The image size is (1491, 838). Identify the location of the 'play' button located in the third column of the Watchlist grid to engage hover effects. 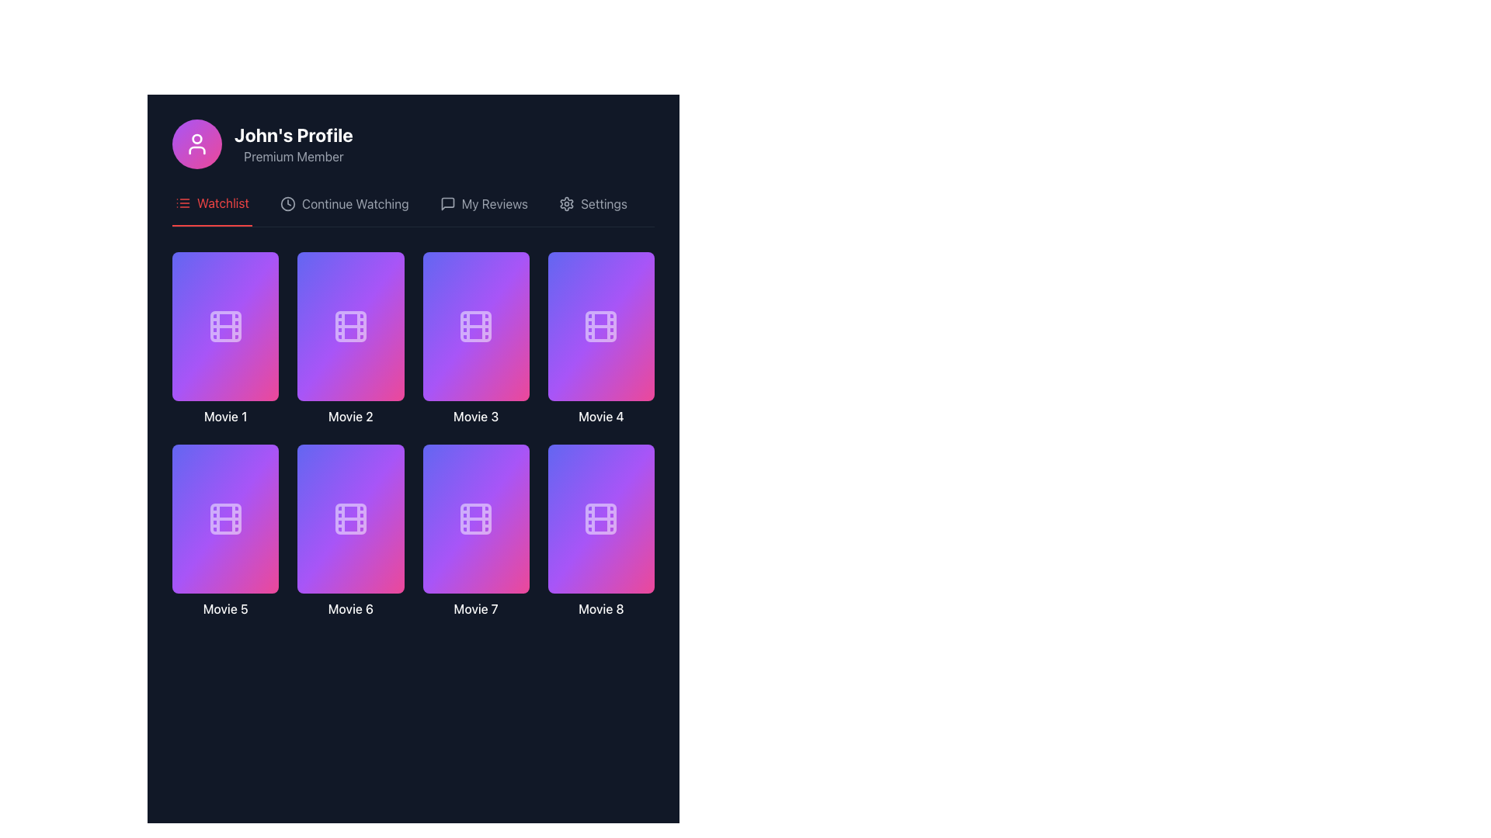
(475, 318).